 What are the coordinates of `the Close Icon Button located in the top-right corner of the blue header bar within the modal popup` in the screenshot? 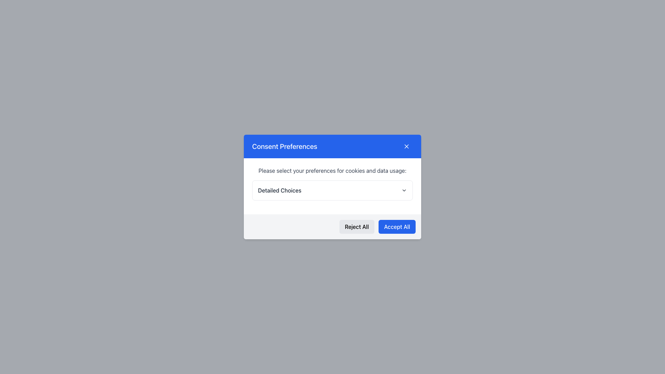 It's located at (407, 146).